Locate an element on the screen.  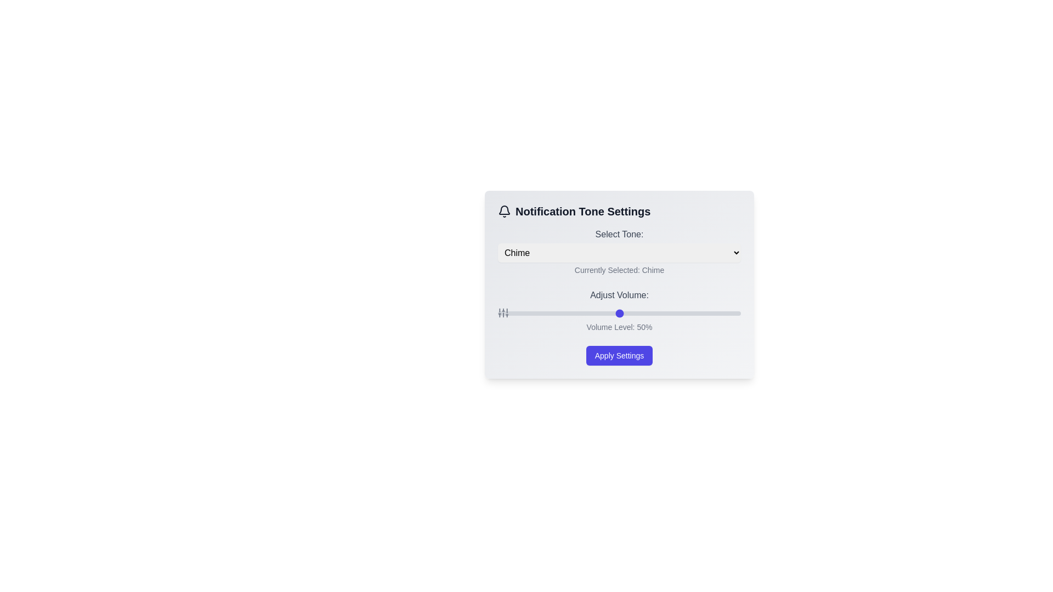
the volume level is located at coordinates (684, 313).